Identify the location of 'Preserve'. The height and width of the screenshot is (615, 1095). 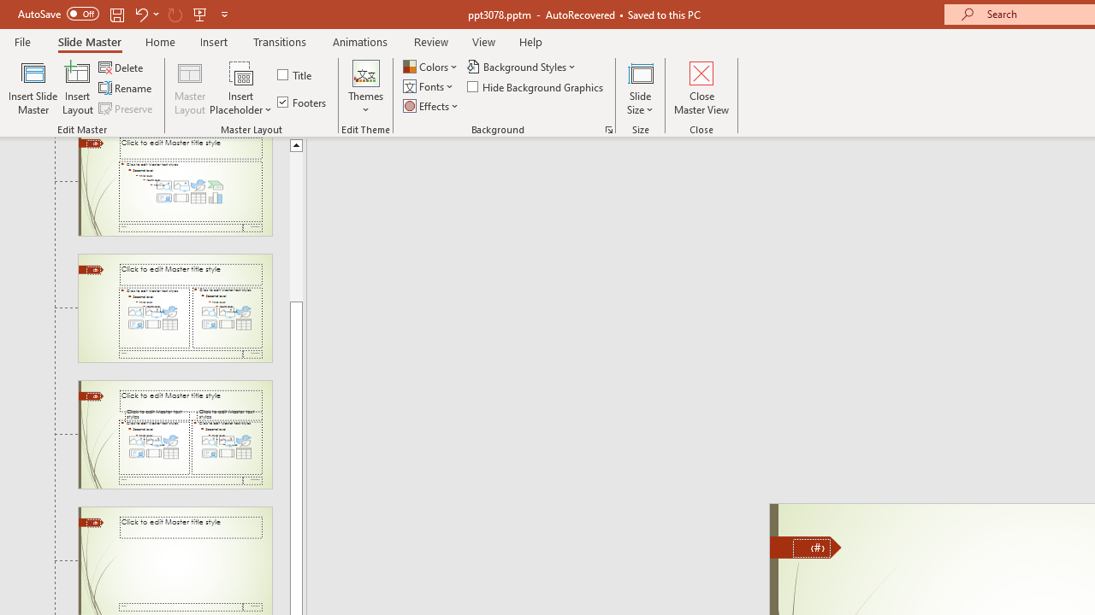
(127, 108).